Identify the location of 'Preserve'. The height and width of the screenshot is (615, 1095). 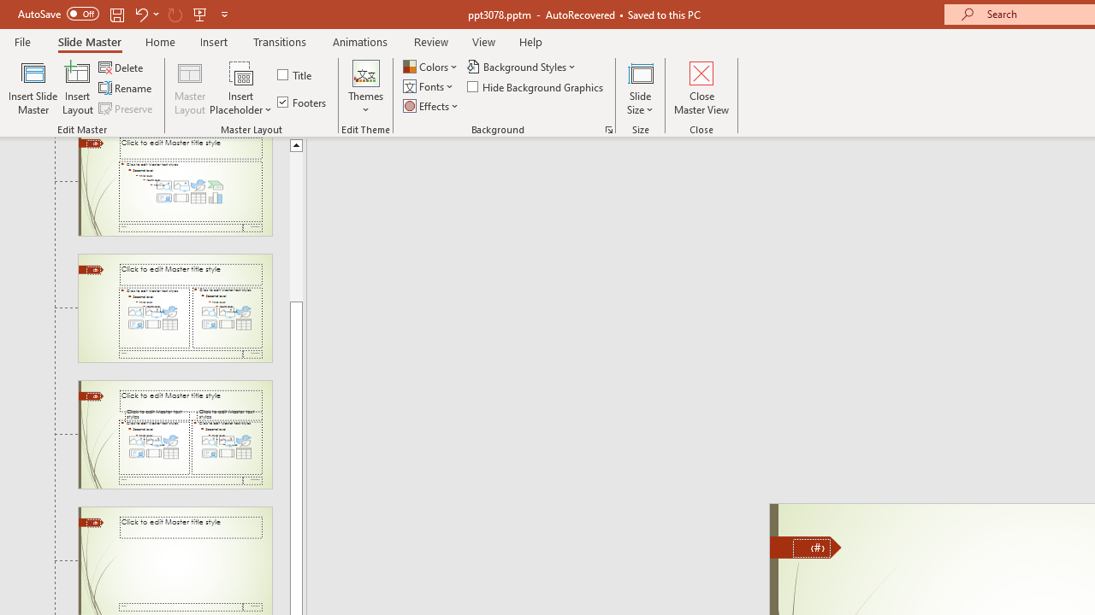
(127, 108).